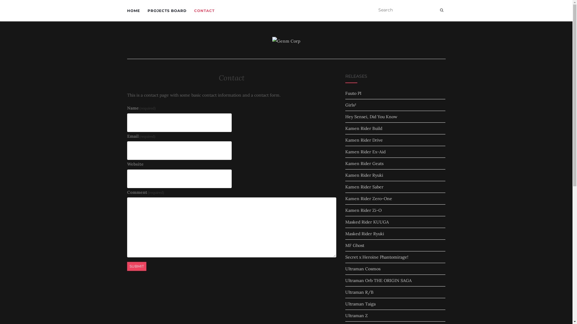  What do you see at coordinates (364, 233) in the screenshot?
I see `'Masked Rider Ryuki'` at bounding box center [364, 233].